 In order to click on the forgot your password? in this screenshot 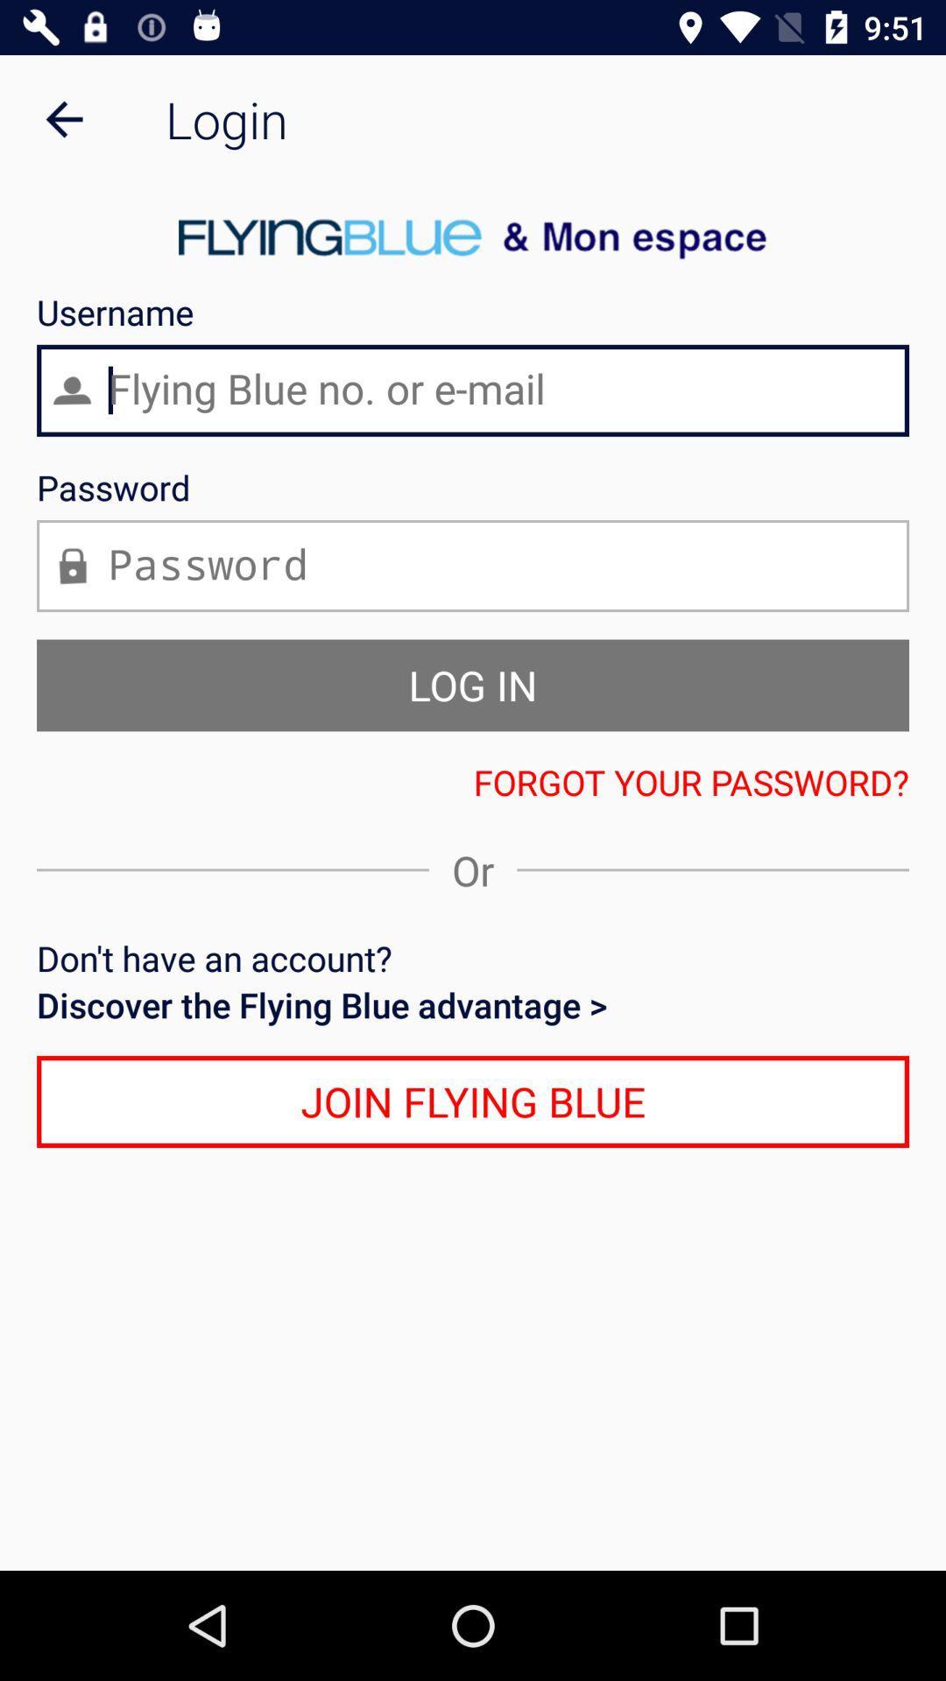, I will do `click(473, 781)`.